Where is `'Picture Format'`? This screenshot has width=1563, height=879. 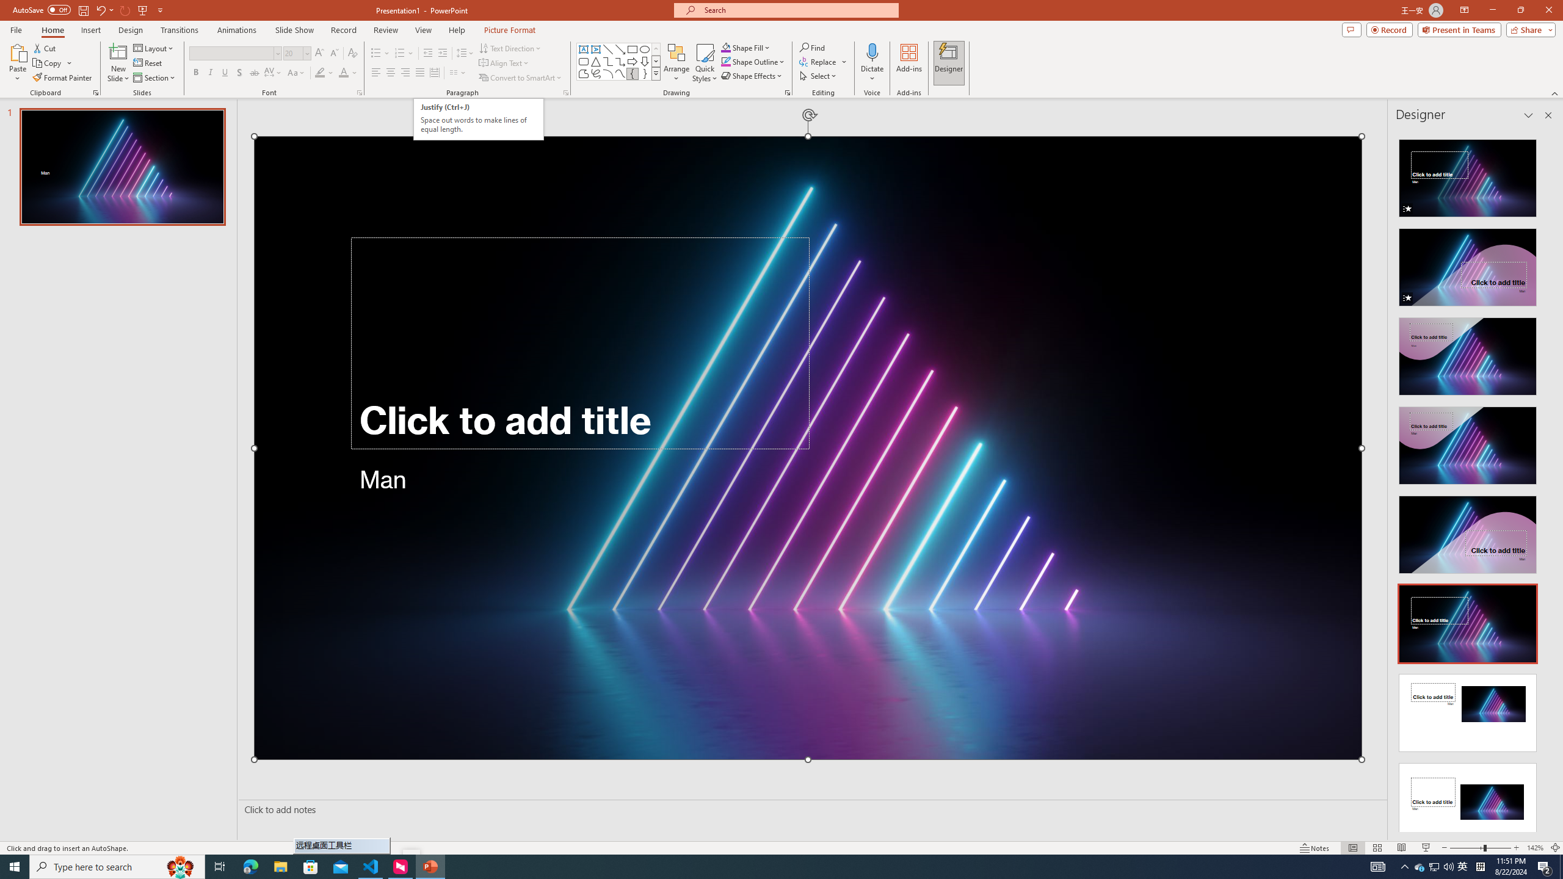
'Picture Format' is located at coordinates (510, 30).